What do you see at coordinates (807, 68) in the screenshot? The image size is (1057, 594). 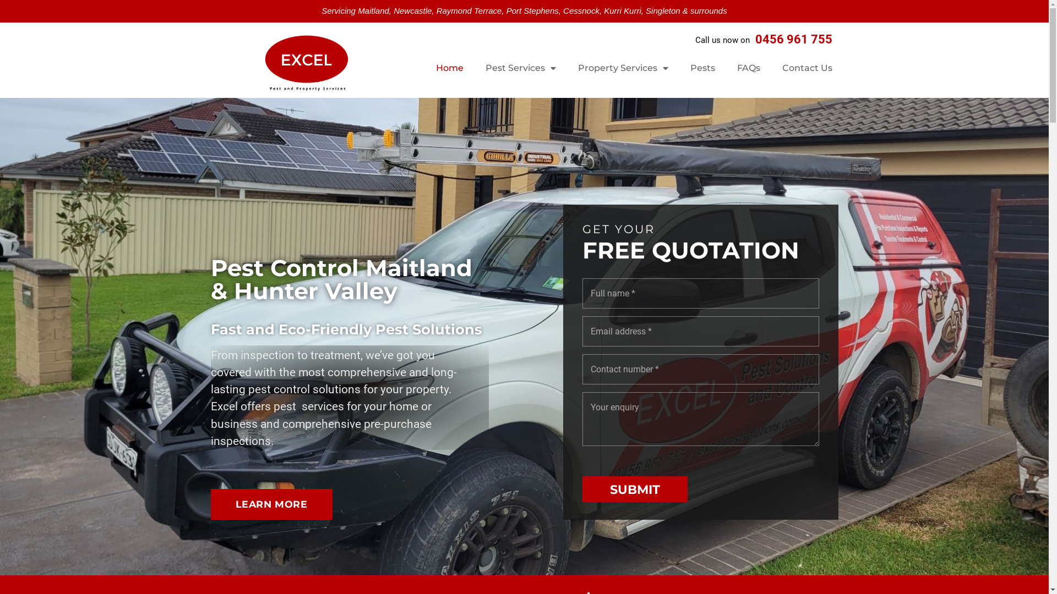 I see `'Contact Us'` at bounding box center [807, 68].